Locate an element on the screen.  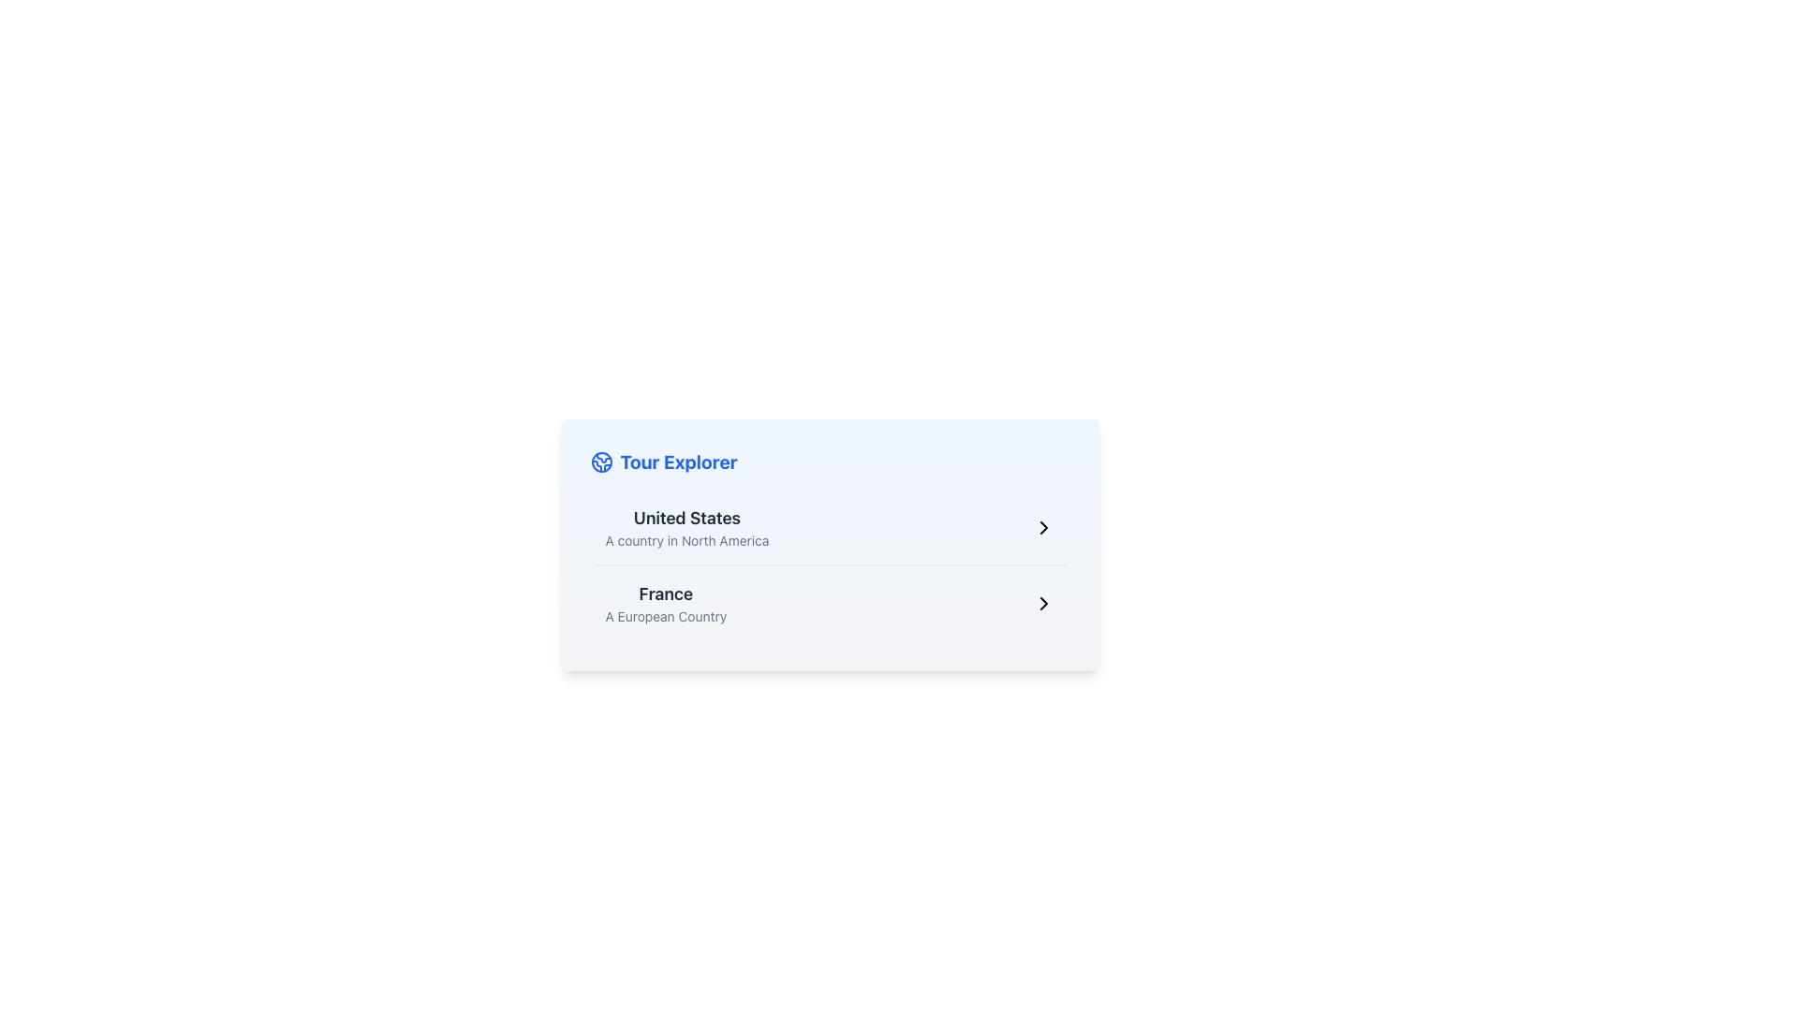
the right-pointing chevron icon styled with a thin black stroke, located near the text 'France' and 'A European Country' is located at coordinates (1042, 603).